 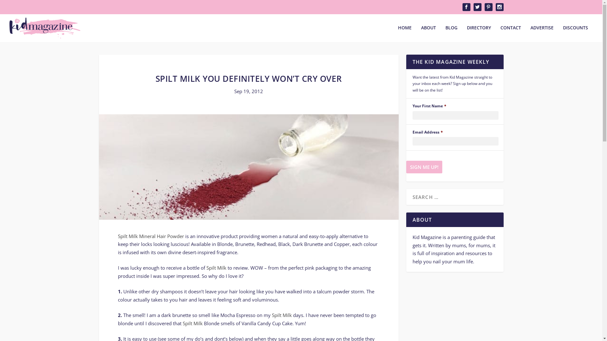 I want to click on 'DIRECTORY', so click(x=467, y=33).